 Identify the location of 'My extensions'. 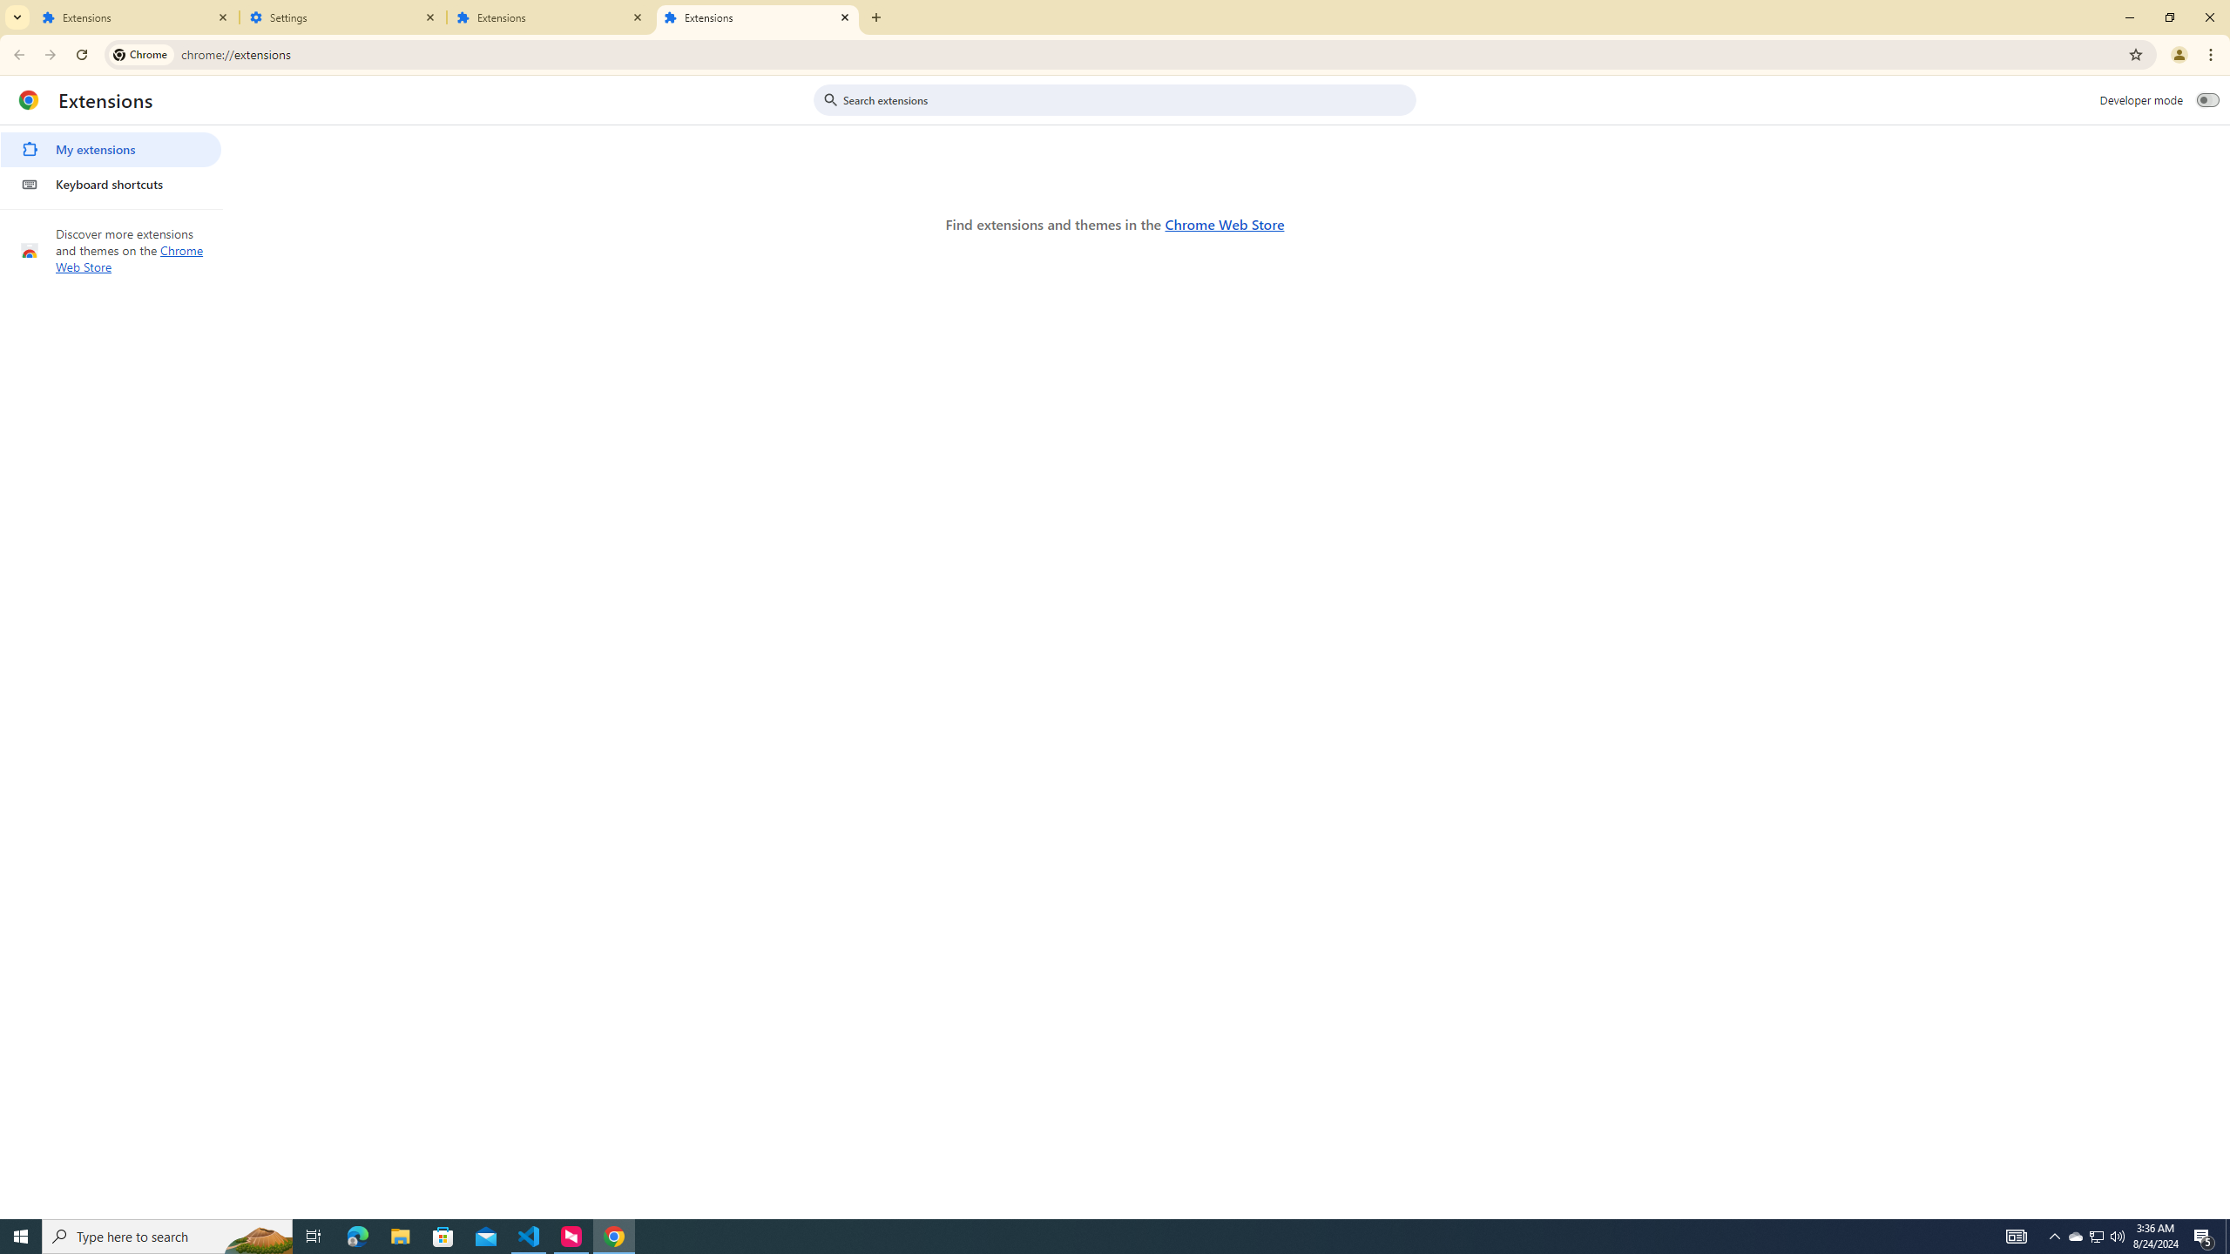
(110, 150).